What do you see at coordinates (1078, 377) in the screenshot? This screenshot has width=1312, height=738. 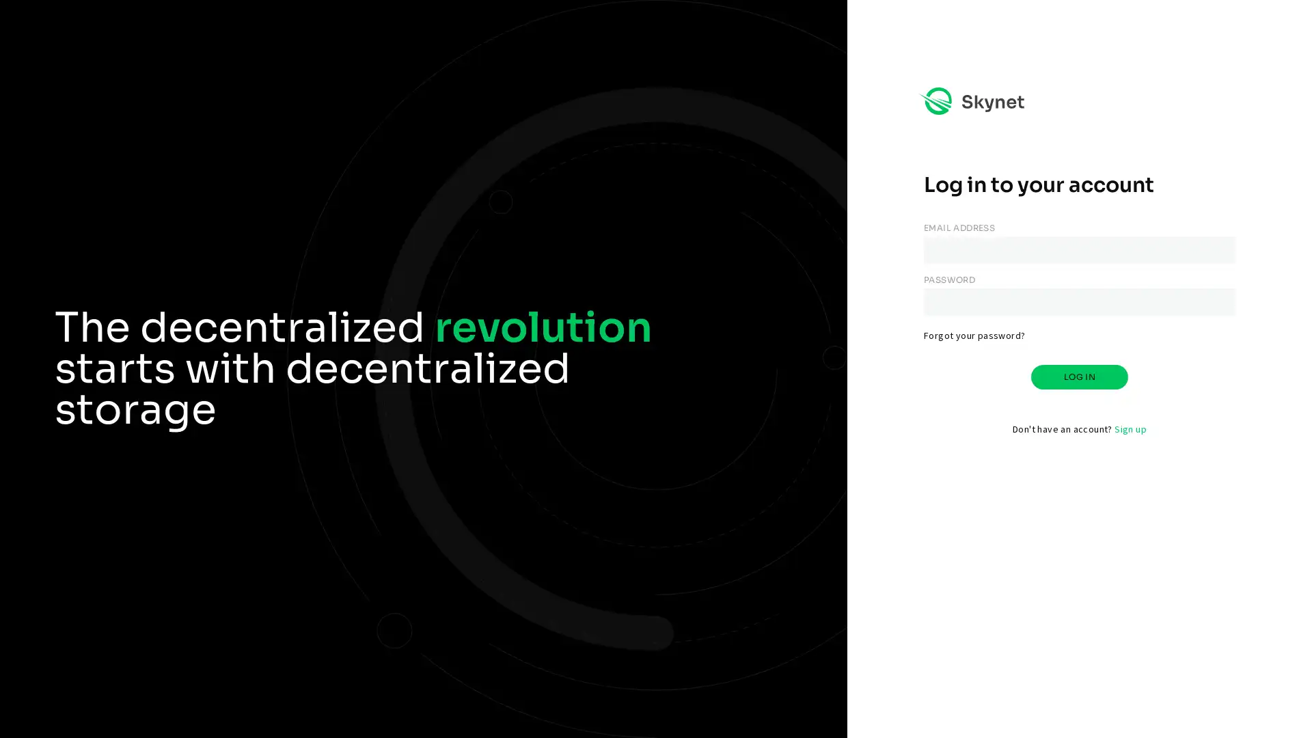 I see `LOG IN` at bounding box center [1078, 377].